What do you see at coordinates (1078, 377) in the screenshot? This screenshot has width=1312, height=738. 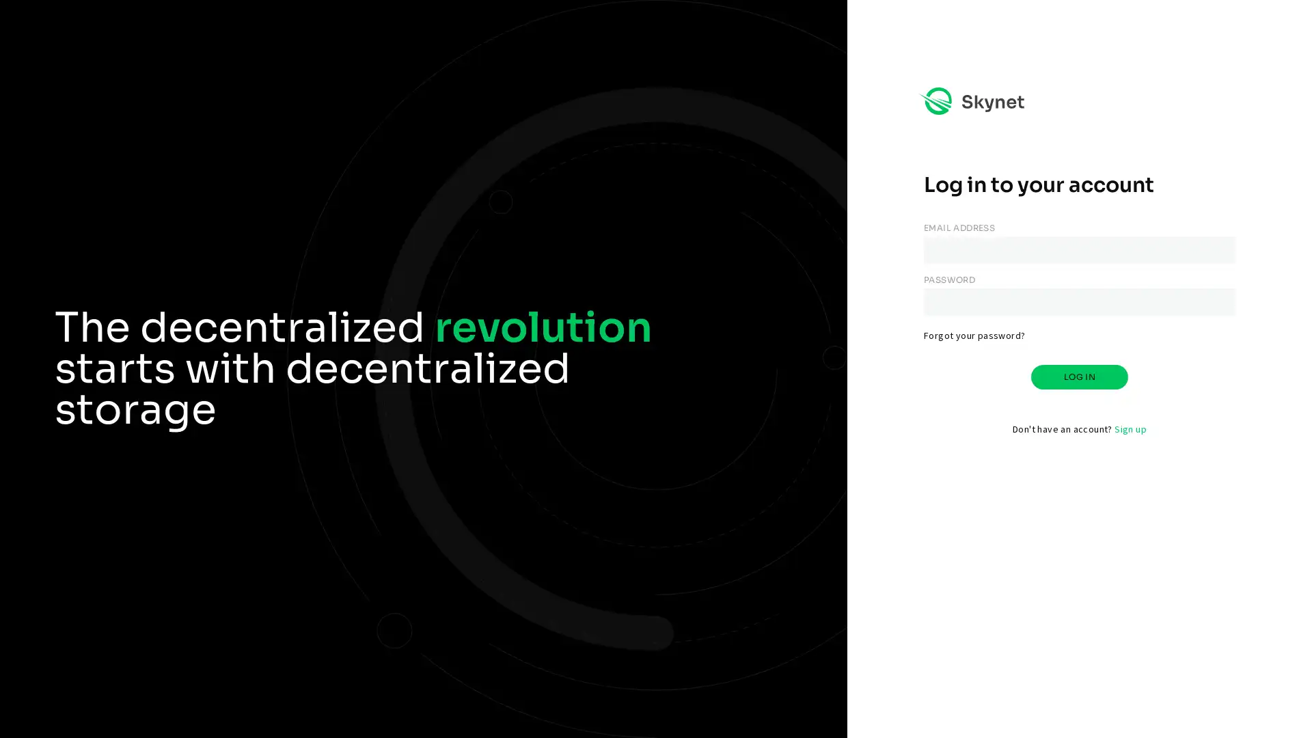 I see `LOG IN` at bounding box center [1078, 377].